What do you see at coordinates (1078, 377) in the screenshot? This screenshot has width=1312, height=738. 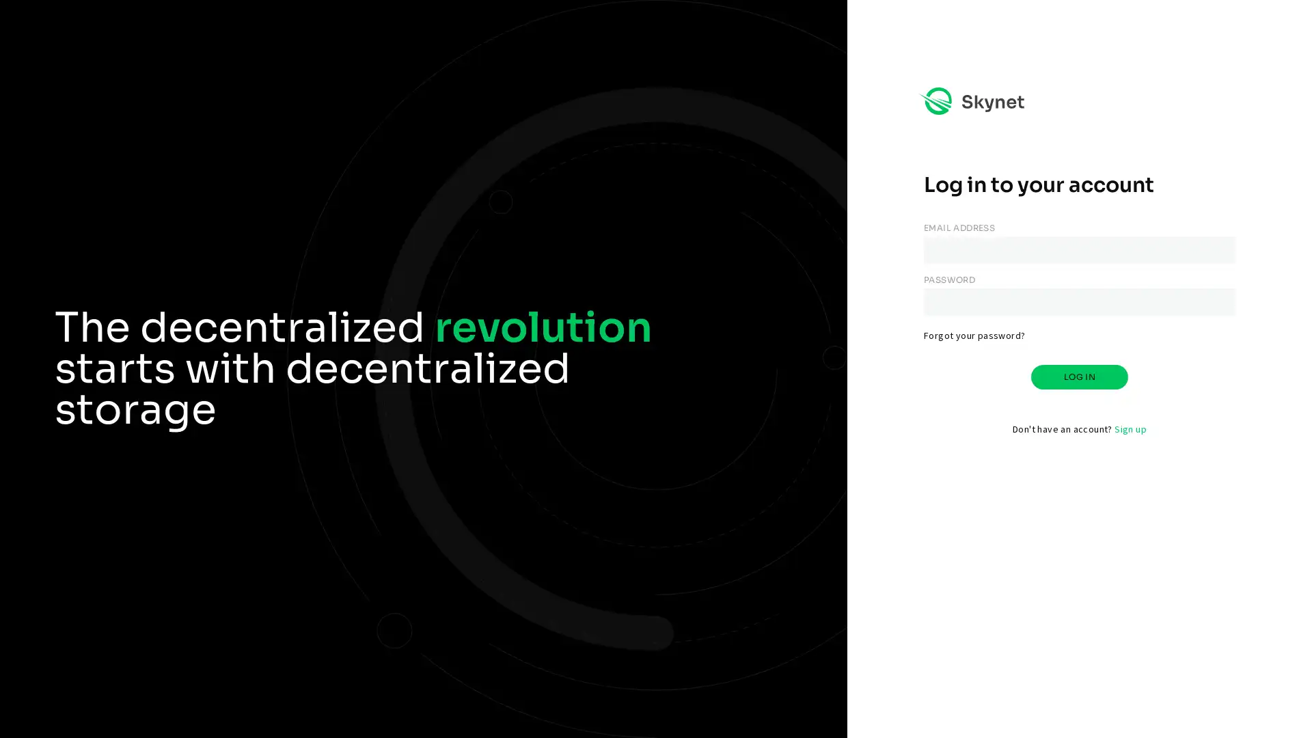 I see `LOG IN` at bounding box center [1078, 377].